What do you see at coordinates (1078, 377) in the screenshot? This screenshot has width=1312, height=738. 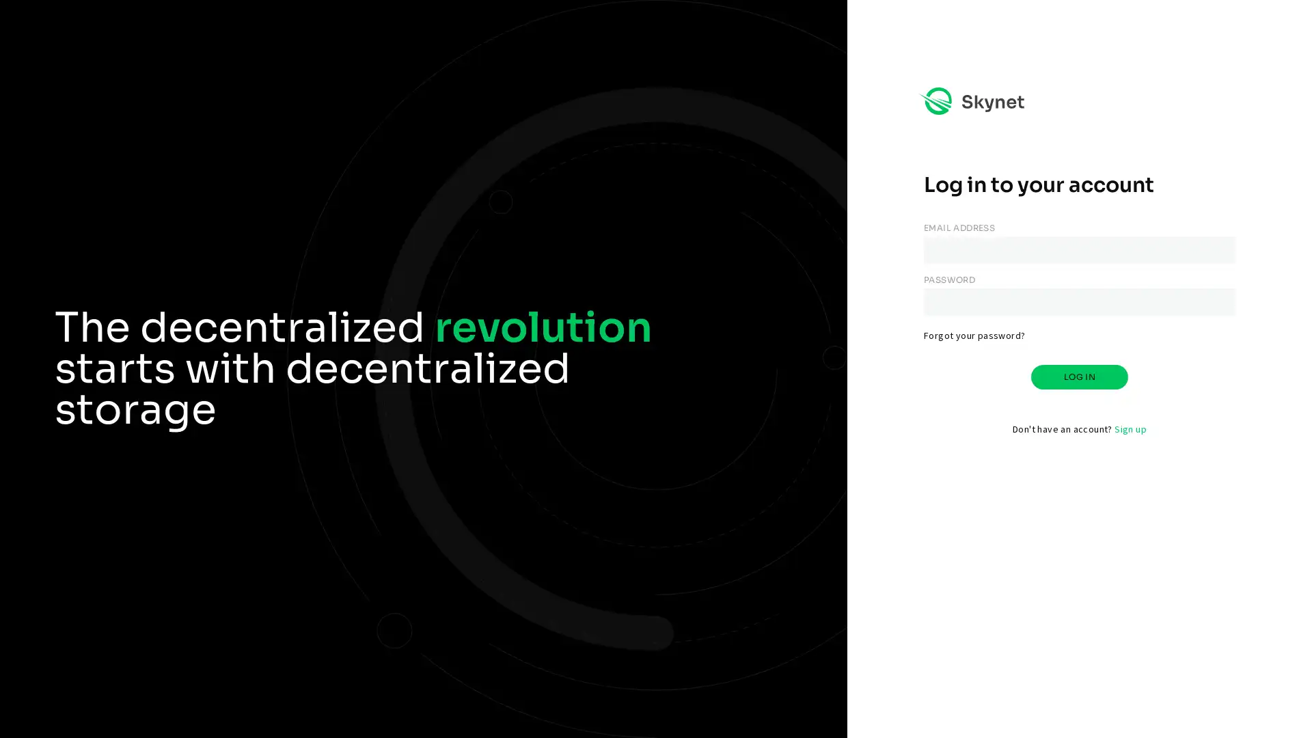 I see `LOG IN` at bounding box center [1078, 377].